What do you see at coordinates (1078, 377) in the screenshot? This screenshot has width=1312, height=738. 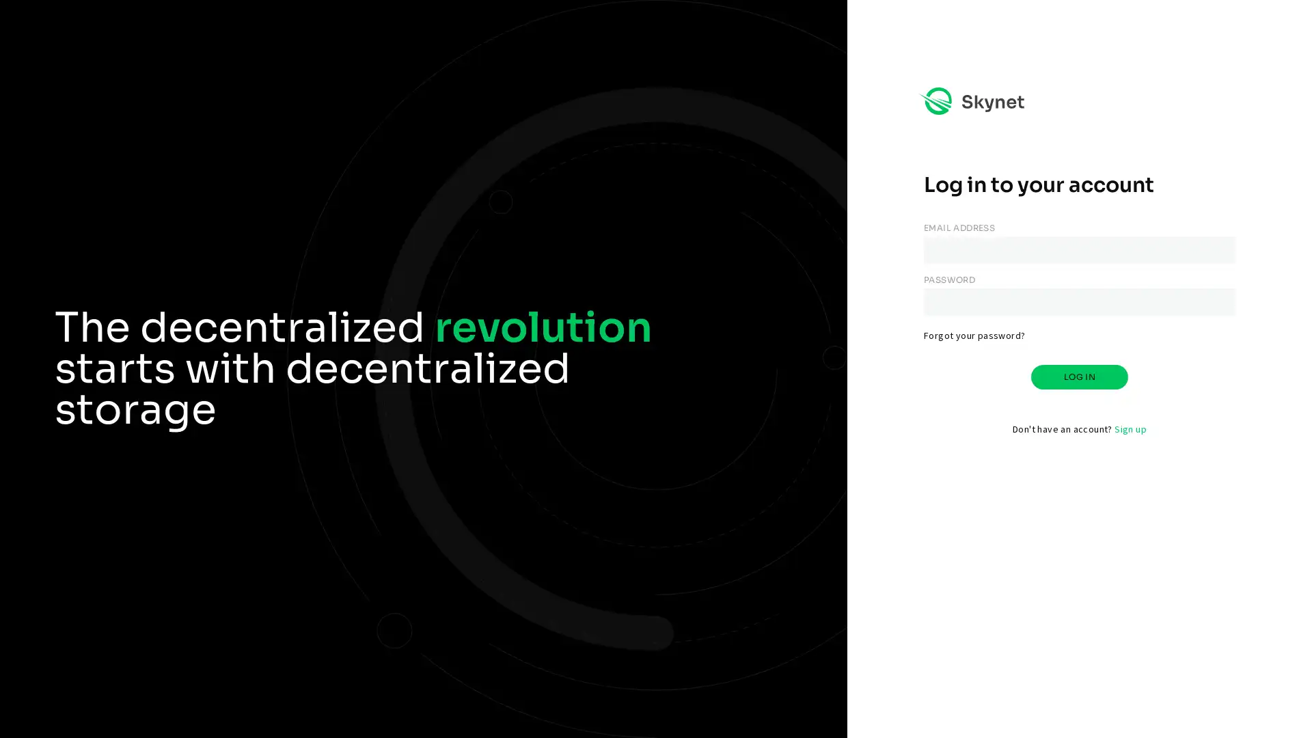 I see `LOG IN` at bounding box center [1078, 377].